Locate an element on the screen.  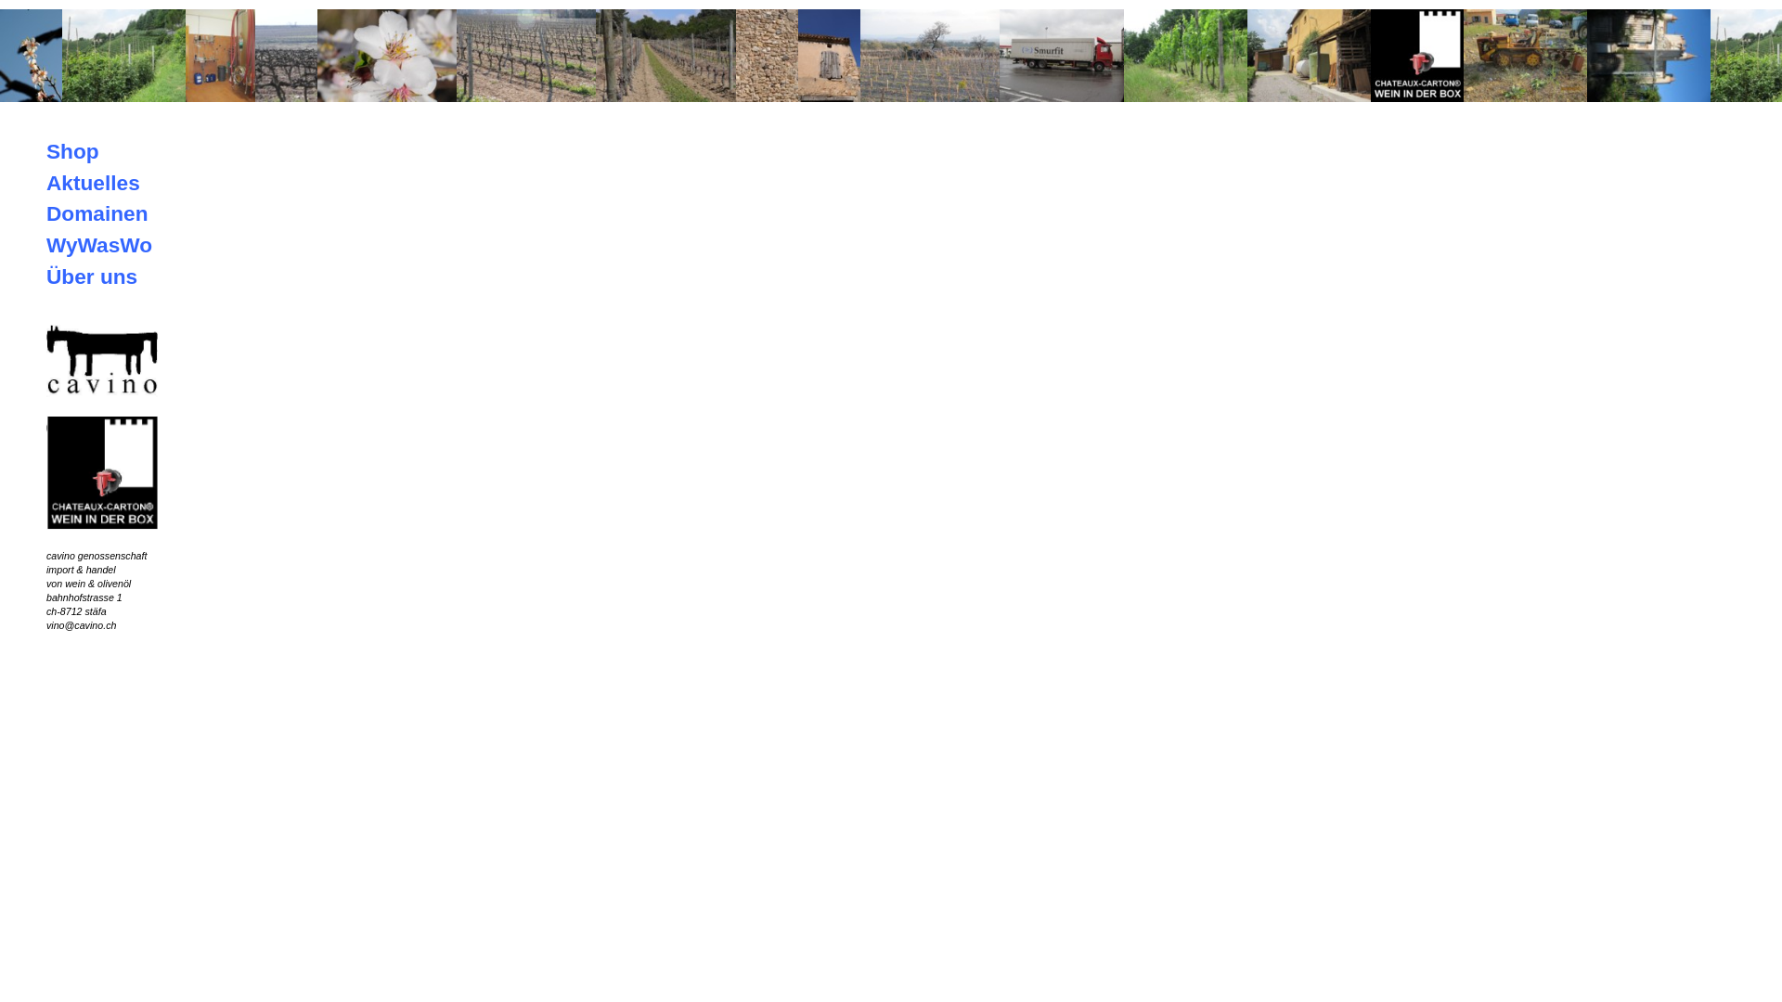
'Shop' is located at coordinates (45, 149).